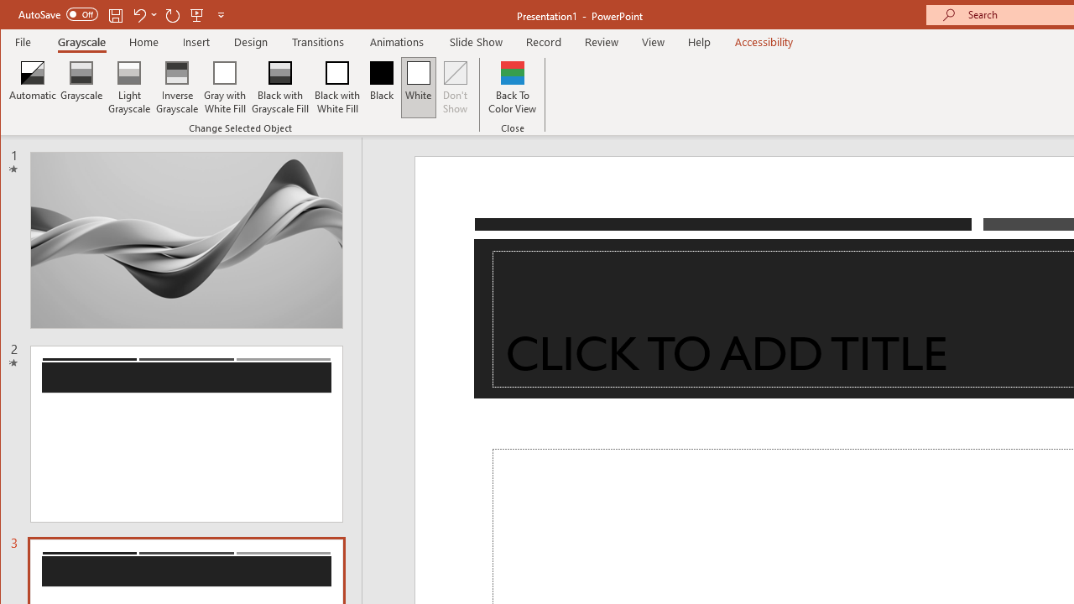  Describe the element at coordinates (280, 87) in the screenshot. I see `'Black with Grayscale Fill'` at that location.